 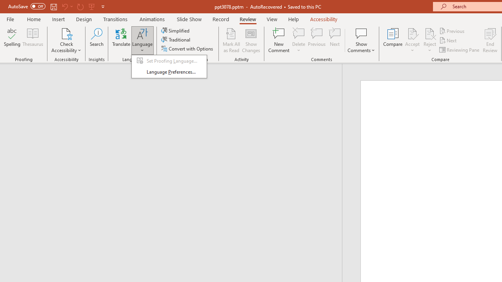 I want to click on 'Reject', so click(x=429, y=40).